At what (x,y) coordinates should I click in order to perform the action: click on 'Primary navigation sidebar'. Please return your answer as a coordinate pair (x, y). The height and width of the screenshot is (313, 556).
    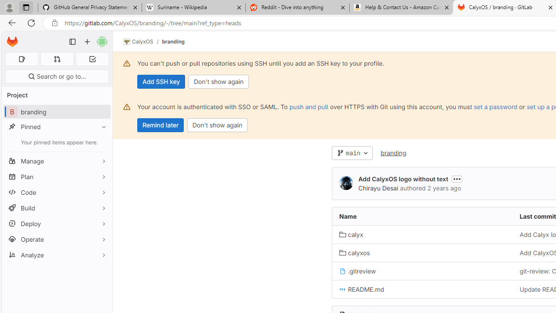
    Looking at the image, I should click on (73, 42).